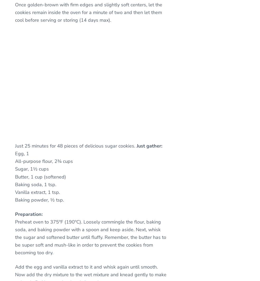 This screenshot has width=260, height=281. What do you see at coordinates (37, 192) in the screenshot?
I see `'Vanilla extract, 1 tsp.'` at bounding box center [37, 192].